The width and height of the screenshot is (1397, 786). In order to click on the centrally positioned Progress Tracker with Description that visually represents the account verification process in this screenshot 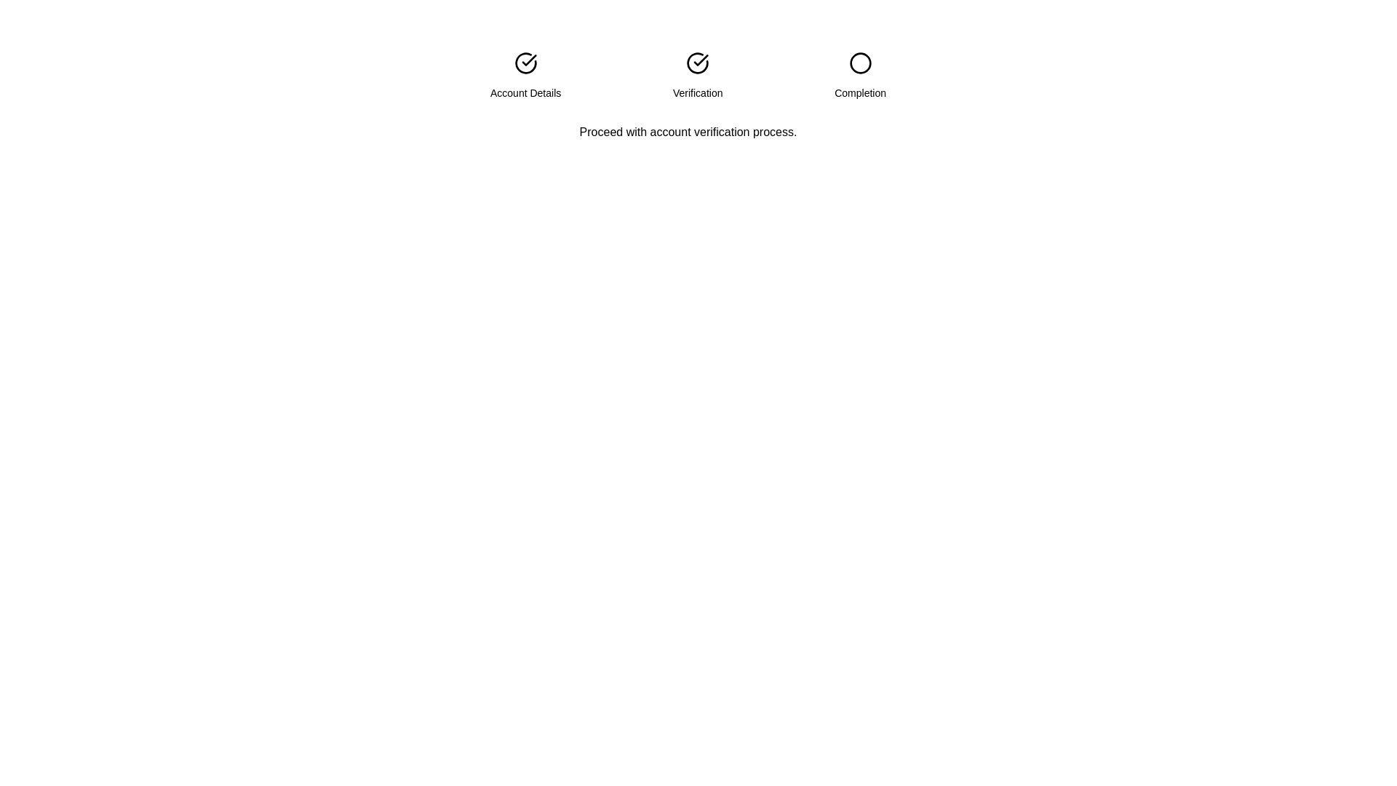, I will do `click(687, 95)`.